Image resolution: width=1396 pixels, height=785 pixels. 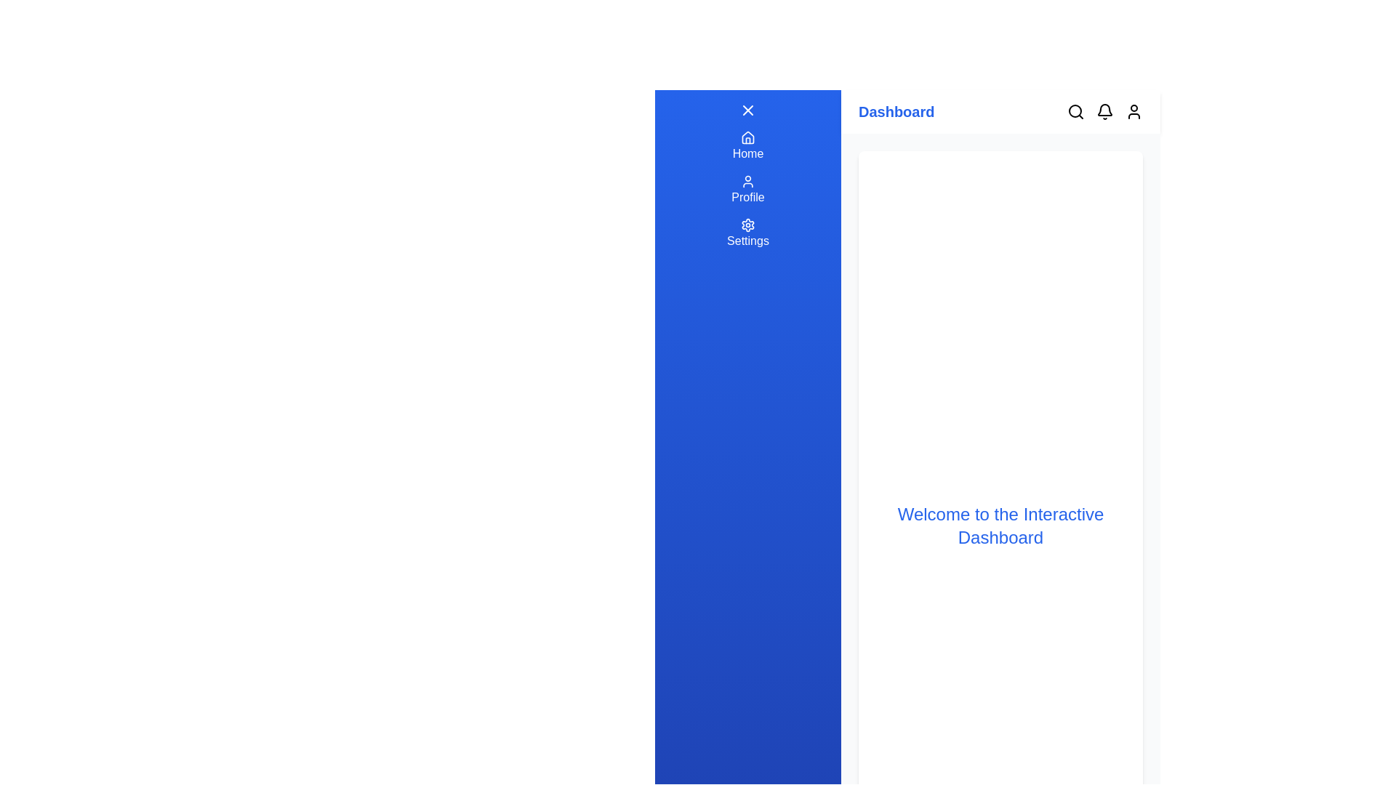 I want to click on the 'Home' navigation item, which has a blue background and white text/icon, located as the first button in the vertical menu on the left side of the interface, so click(x=747, y=146).